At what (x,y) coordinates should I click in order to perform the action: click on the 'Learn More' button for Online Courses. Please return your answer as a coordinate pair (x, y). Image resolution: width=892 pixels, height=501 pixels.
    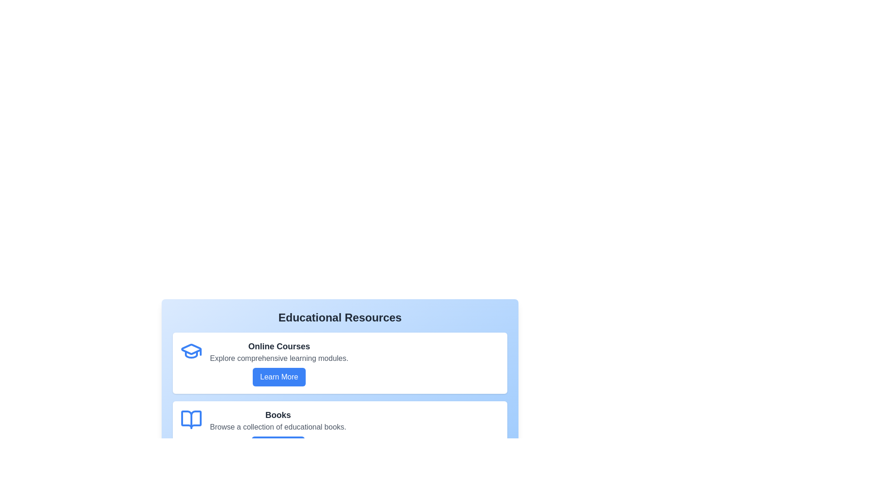
    Looking at the image, I should click on (278, 377).